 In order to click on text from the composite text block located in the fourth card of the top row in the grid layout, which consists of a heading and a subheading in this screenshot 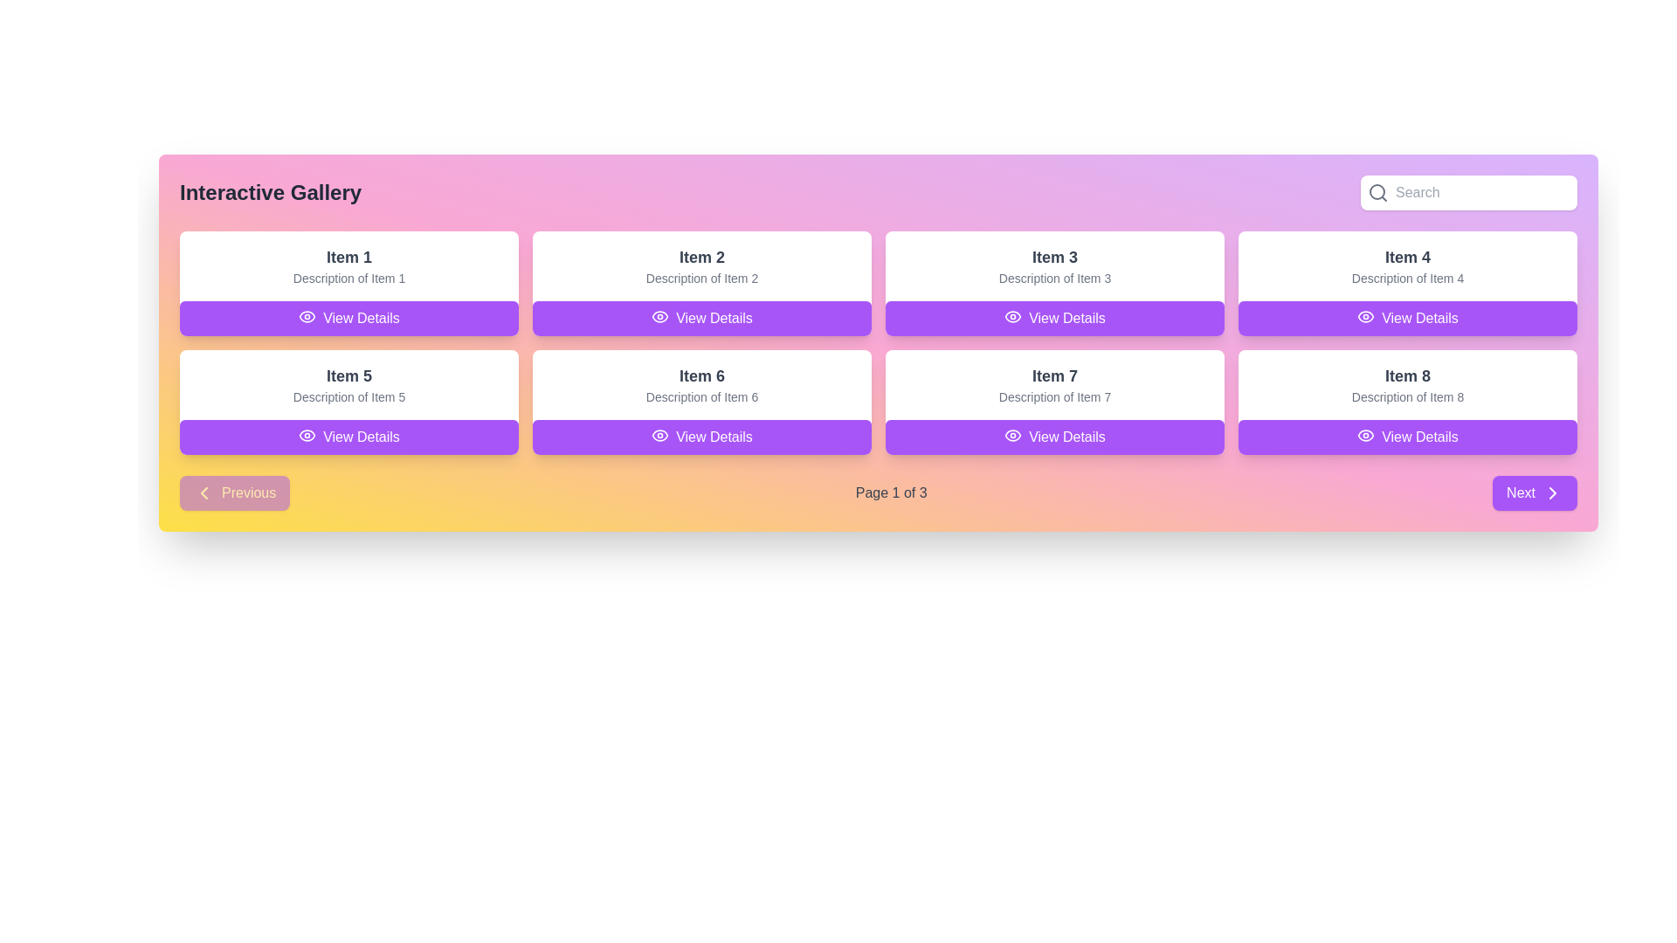, I will do `click(1408, 265)`.